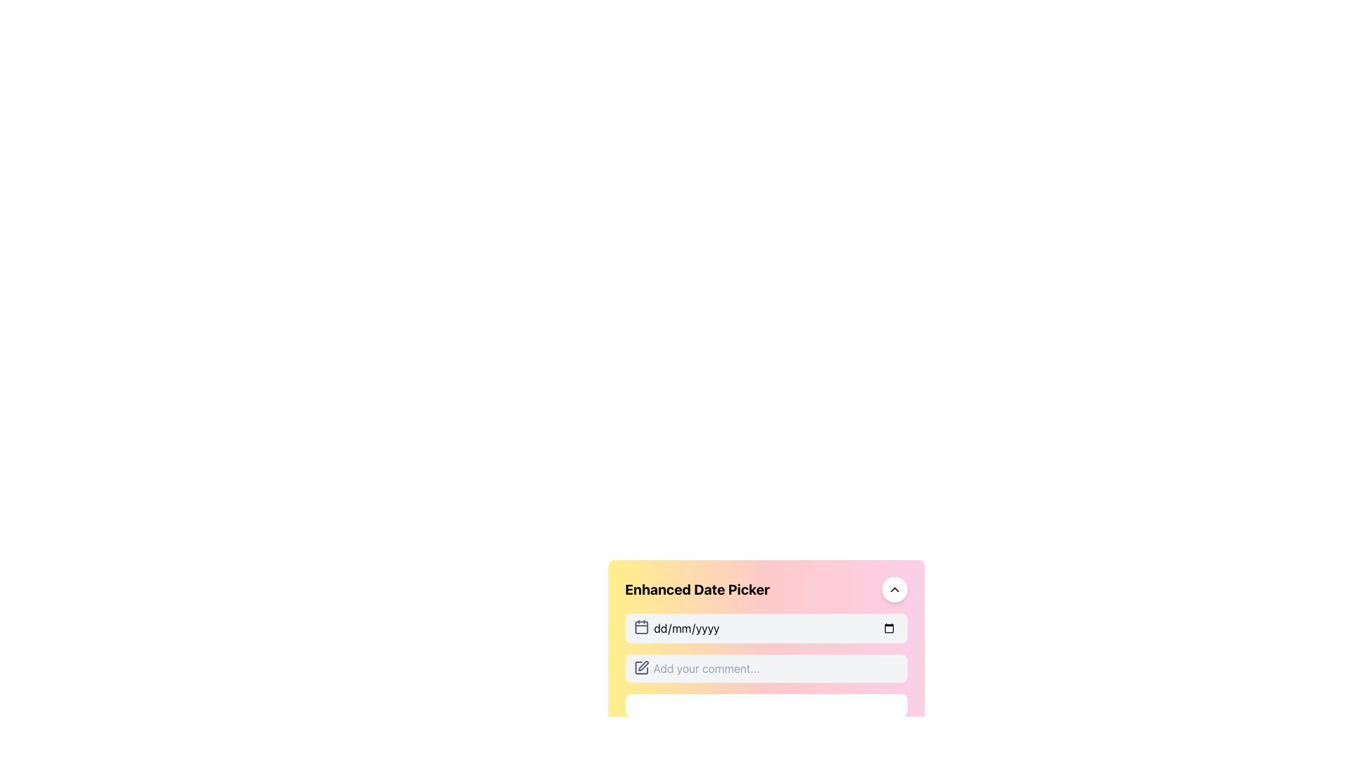 Image resolution: width=1354 pixels, height=761 pixels. Describe the element at coordinates (640, 667) in the screenshot. I see `the leftmost icon inside the 'Add your comment...' text input field to begin inputting text` at that location.